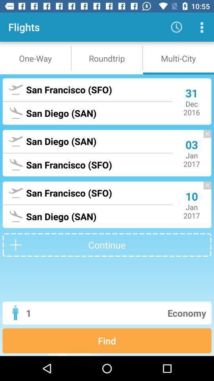 Image resolution: width=214 pixels, height=381 pixels. Describe the element at coordinates (137, 313) in the screenshot. I see `economy item` at that location.